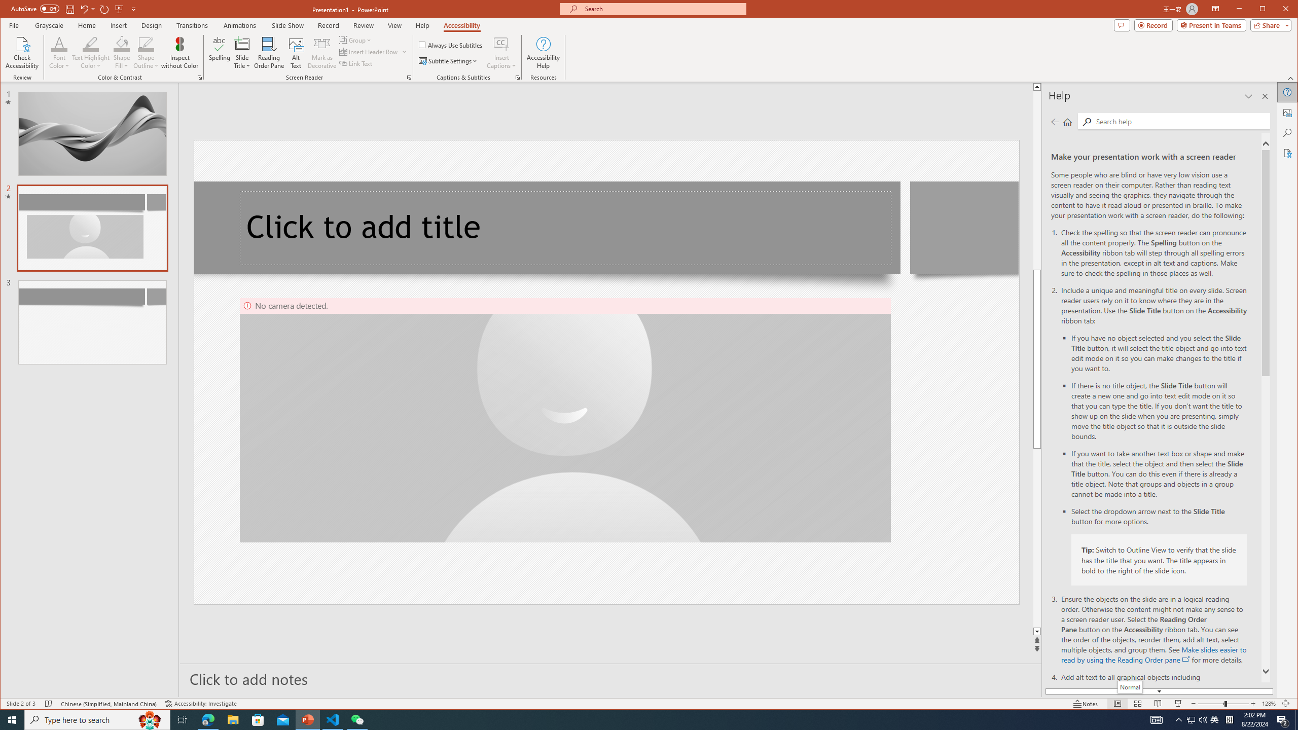  What do you see at coordinates (394, 25) in the screenshot?
I see `'View'` at bounding box center [394, 25].